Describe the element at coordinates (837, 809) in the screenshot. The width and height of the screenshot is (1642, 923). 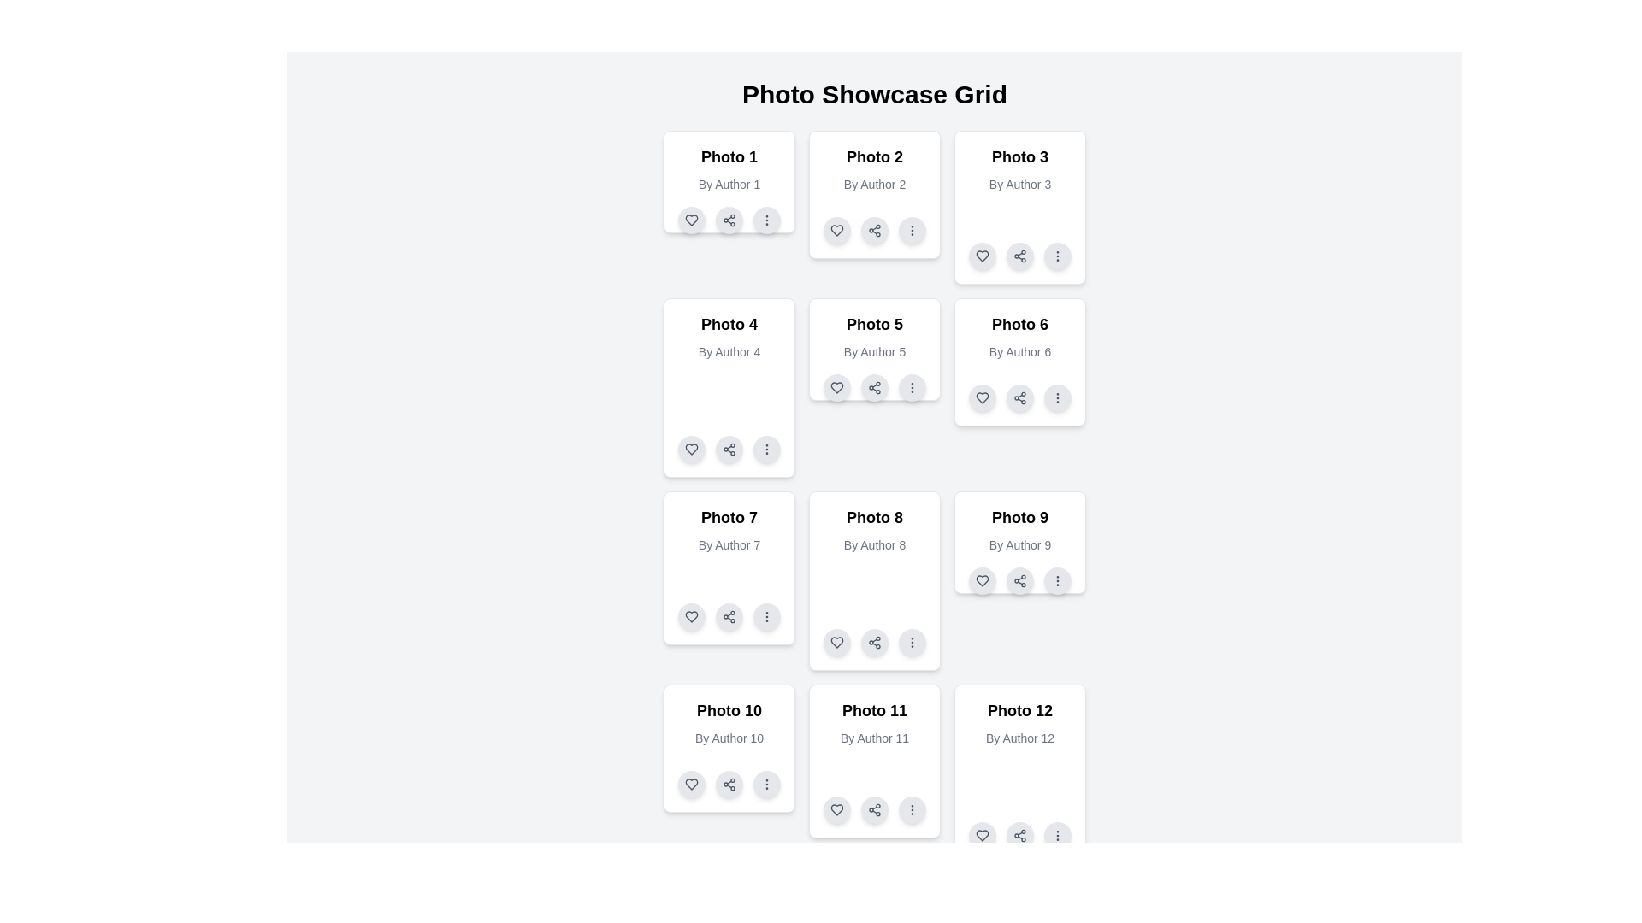
I see `the circular button with a heart-shaped icon located below the card labeled 'Photo 11 By Author 11'` at that location.